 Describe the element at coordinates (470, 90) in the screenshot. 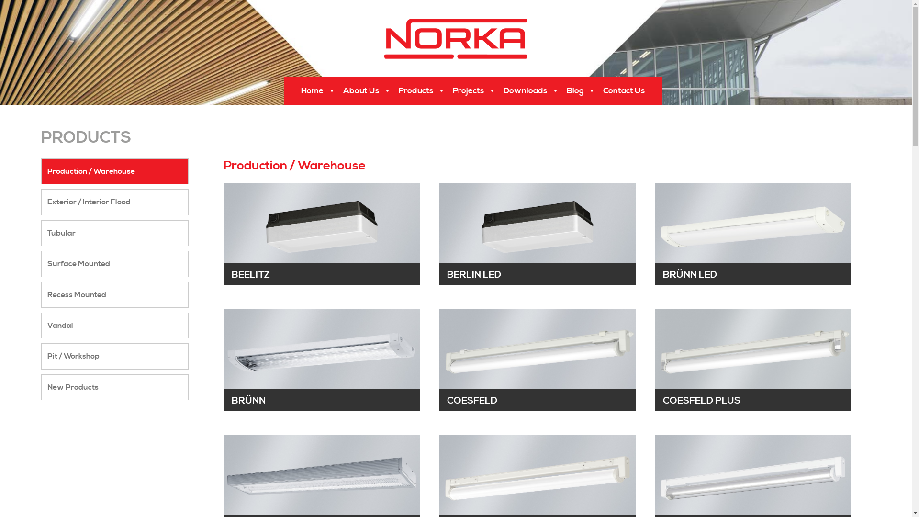

I see `'Projects'` at that location.